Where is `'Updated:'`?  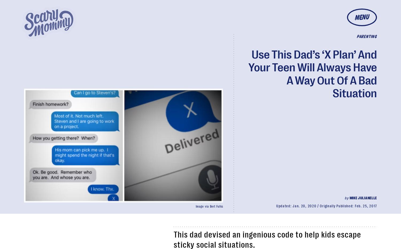
'Updated:' is located at coordinates (284, 206).